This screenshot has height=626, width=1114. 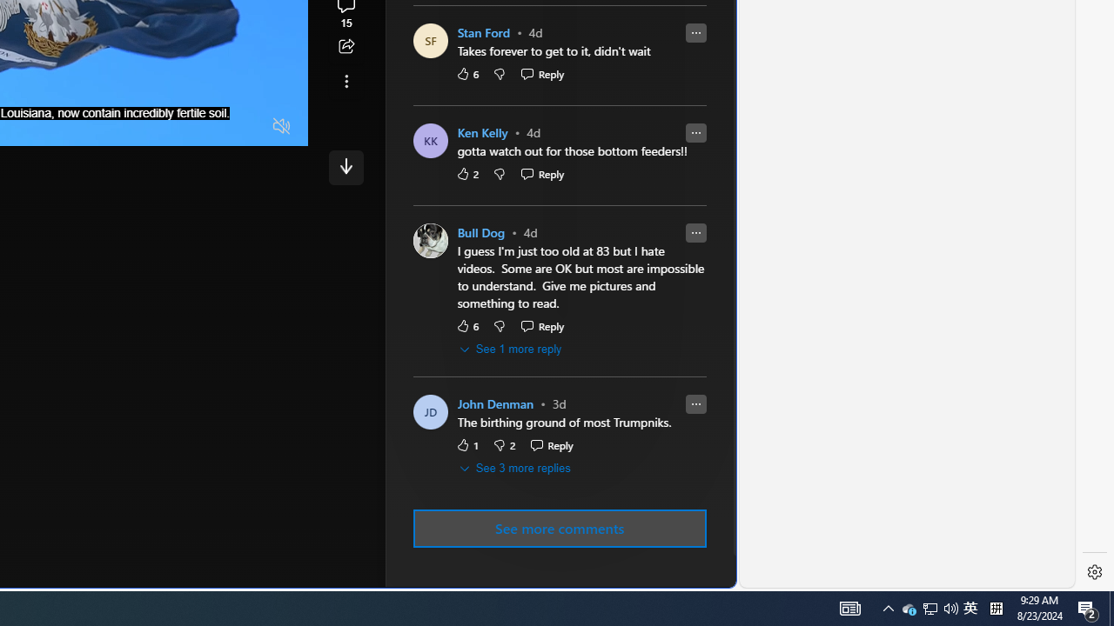 What do you see at coordinates (494, 404) in the screenshot?
I see `'John Denman'` at bounding box center [494, 404].